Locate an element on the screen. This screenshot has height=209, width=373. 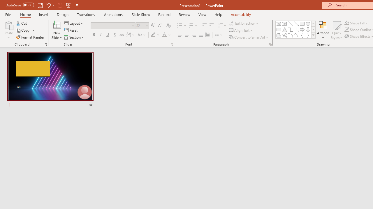
'Format Painter' is located at coordinates (30, 37).